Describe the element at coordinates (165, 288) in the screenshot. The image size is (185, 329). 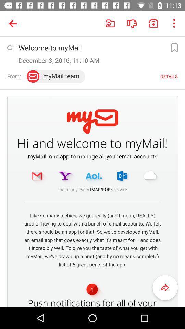
I see `go back` at that location.